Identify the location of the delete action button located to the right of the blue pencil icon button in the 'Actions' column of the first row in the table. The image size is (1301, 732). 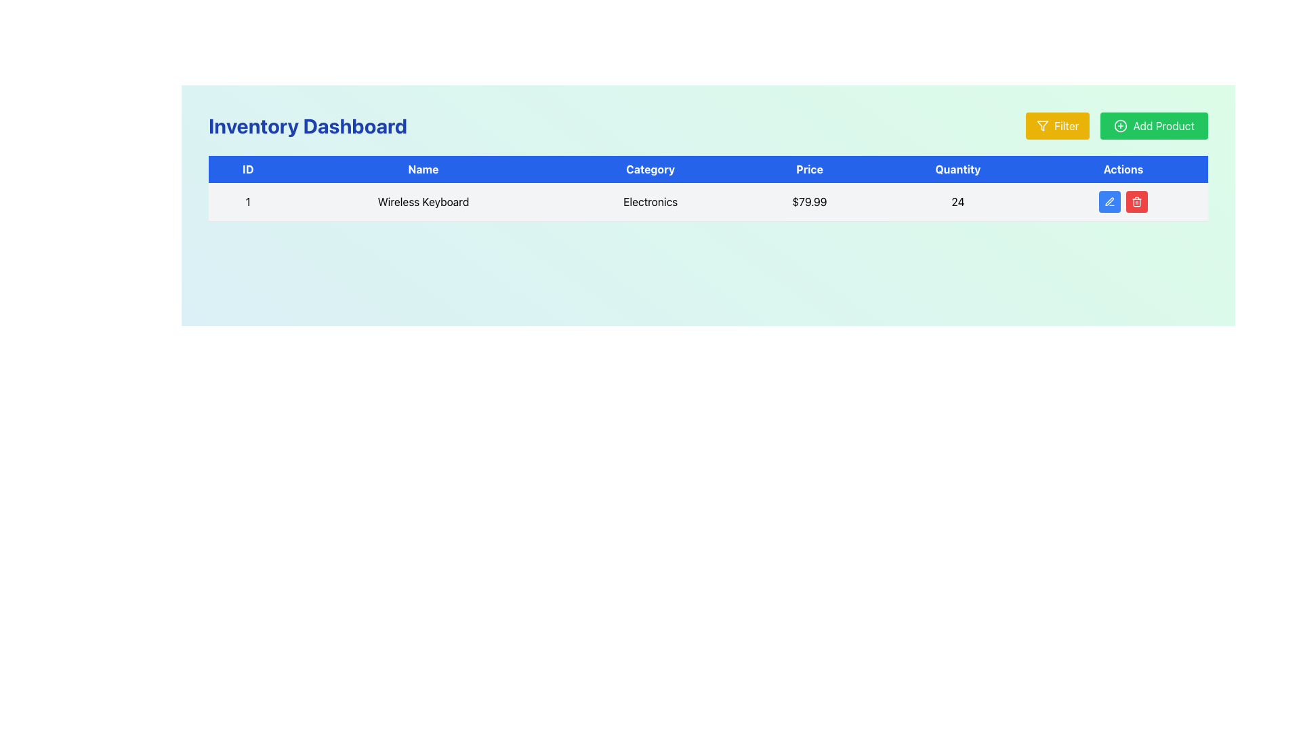
(1136, 201).